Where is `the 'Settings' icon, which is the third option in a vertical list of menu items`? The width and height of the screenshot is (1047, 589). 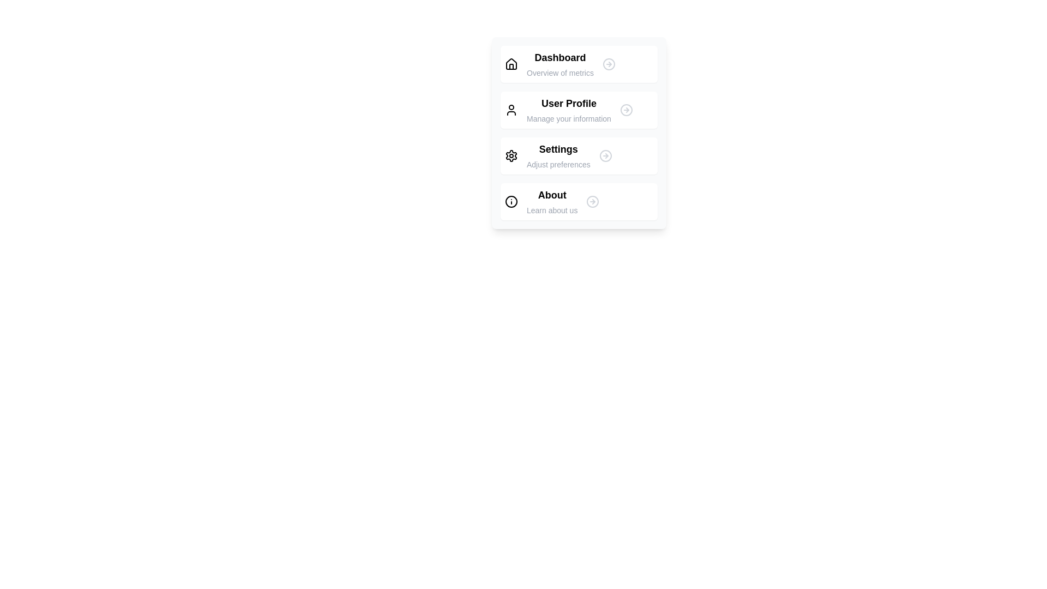
the 'Settings' icon, which is the third option in a vertical list of menu items is located at coordinates (510, 155).